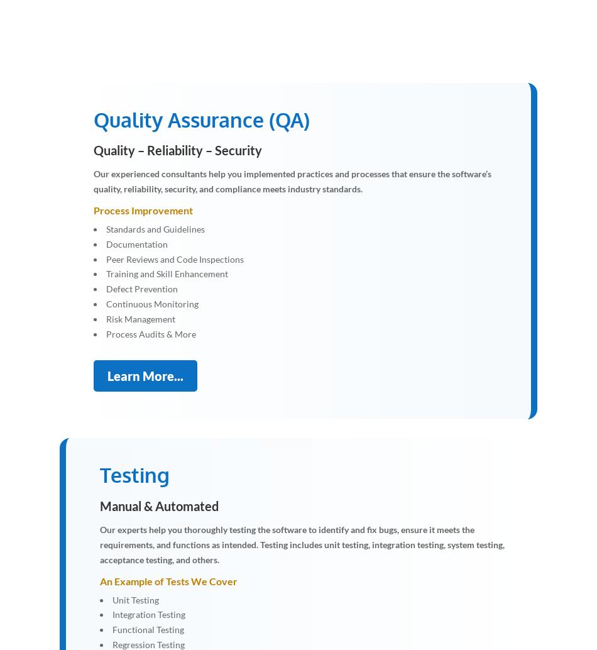 The image size is (597, 650). Describe the element at coordinates (158, 505) in the screenshot. I see `'Manual & Automated'` at that location.